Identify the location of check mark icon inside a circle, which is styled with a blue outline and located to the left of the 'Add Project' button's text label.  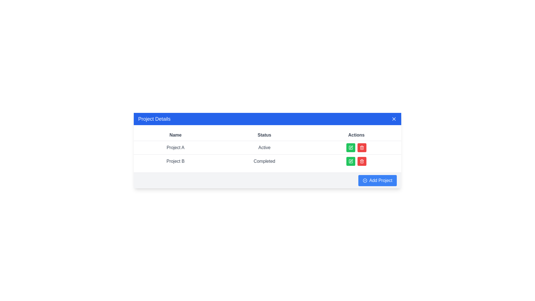
(365, 181).